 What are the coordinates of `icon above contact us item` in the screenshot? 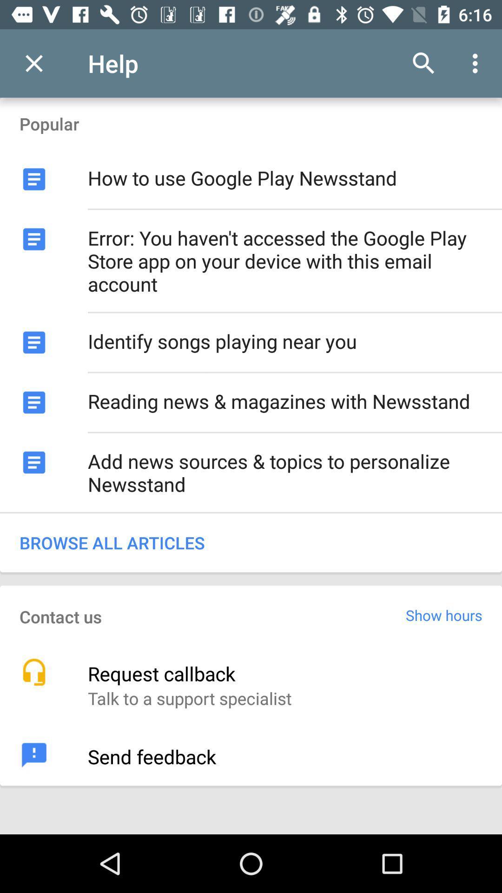 It's located at (251, 542).